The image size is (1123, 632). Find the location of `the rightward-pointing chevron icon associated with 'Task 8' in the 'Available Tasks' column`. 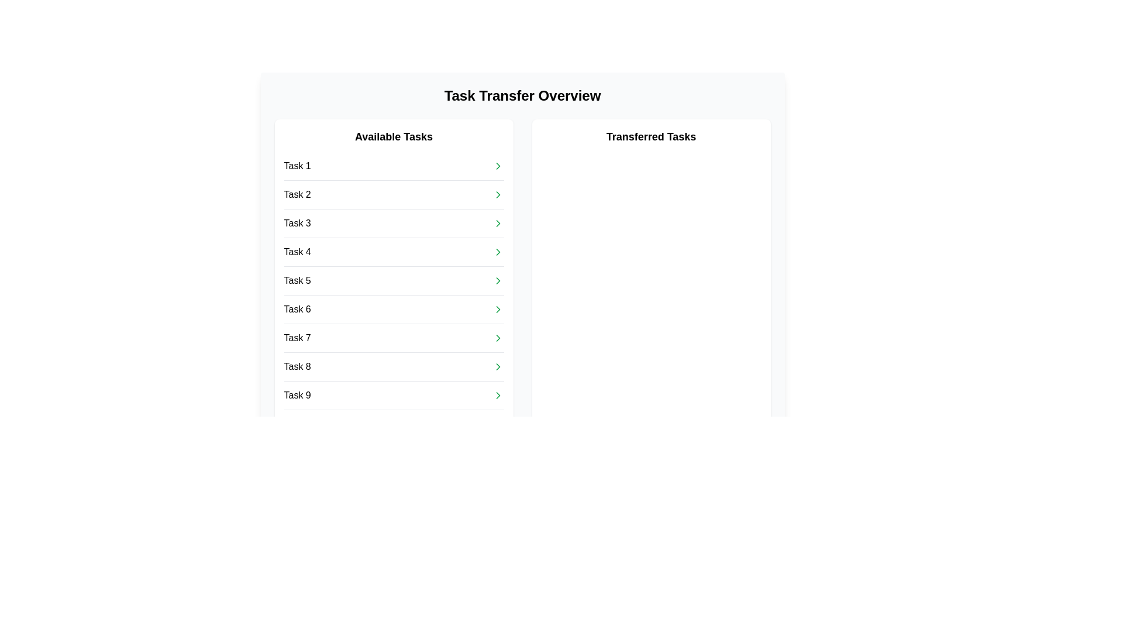

the rightward-pointing chevron icon associated with 'Task 8' in the 'Available Tasks' column is located at coordinates (498, 366).